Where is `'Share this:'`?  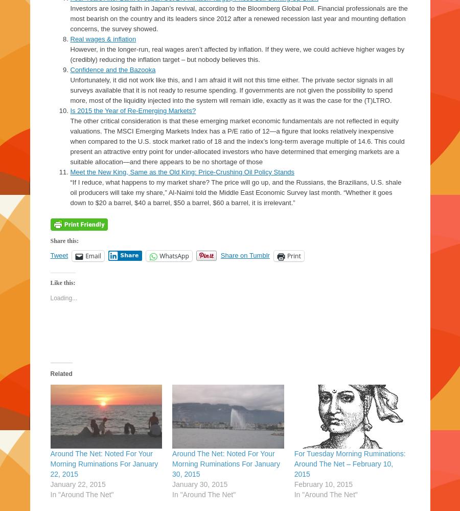
'Share this:' is located at coordinates (64, 241).